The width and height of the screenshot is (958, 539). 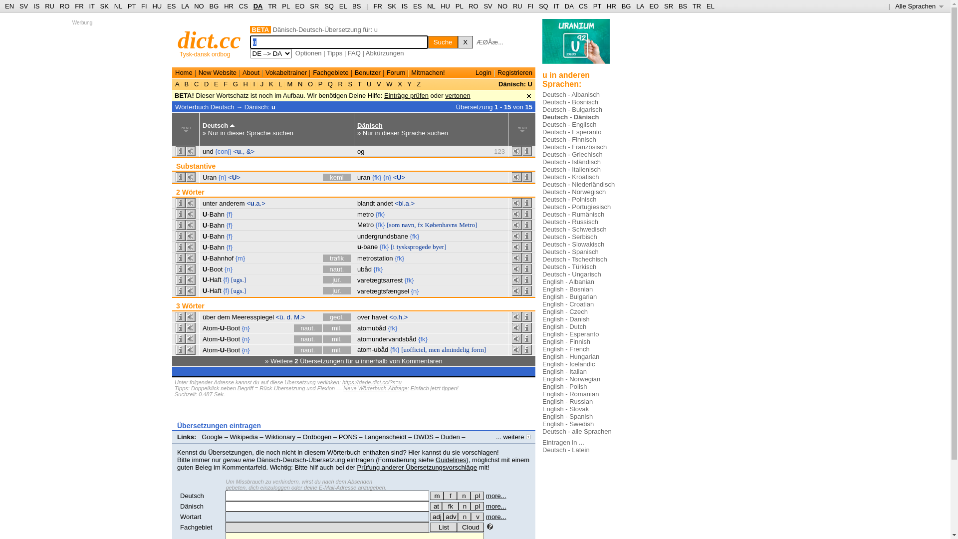 I want to click on 'V', so click(x=378, y=83).